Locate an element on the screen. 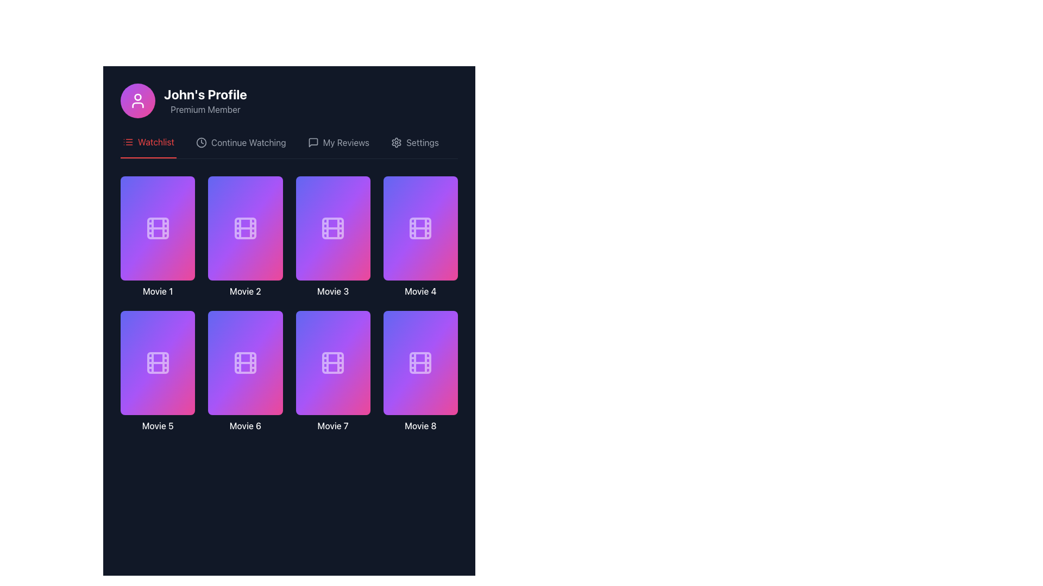 The height and width of the screenshot is (586, 1043). the Icon representing 'Movie 7' within the seventh card of an eight-card grid layout is located at coordinates (332, 371).